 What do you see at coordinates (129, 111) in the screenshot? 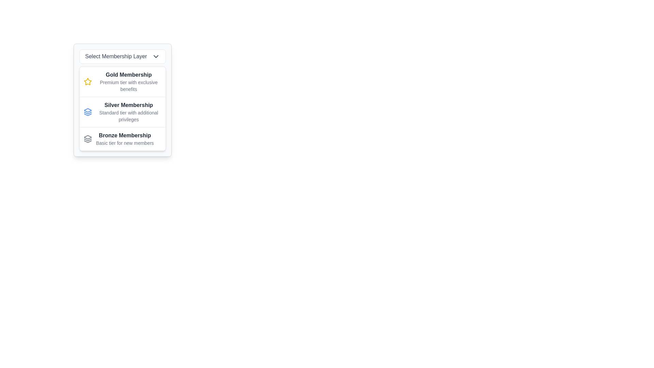
I see `the 'Silver Membership' text label, which is the second option in a dropdown menu, located centrally between 'Gold Membership' above and 'Bronze Membership' below` at bounding box center [129, 111].